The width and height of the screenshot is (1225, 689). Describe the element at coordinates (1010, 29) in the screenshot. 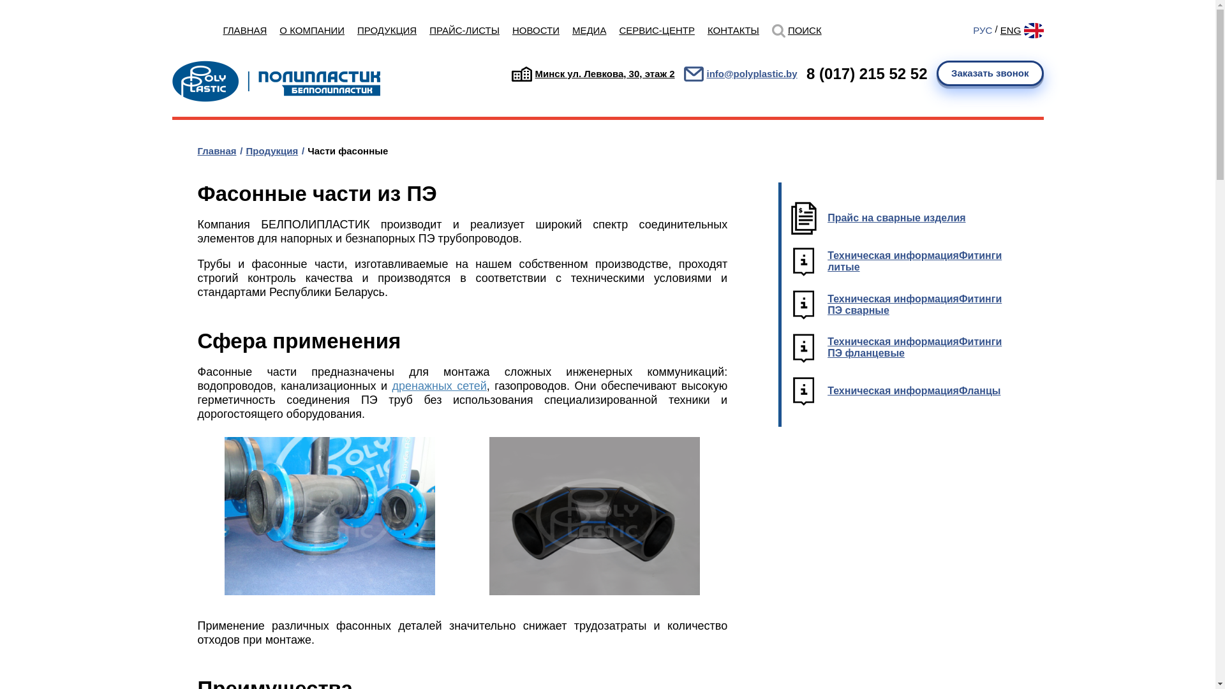

I see `'ENG'` at that location.